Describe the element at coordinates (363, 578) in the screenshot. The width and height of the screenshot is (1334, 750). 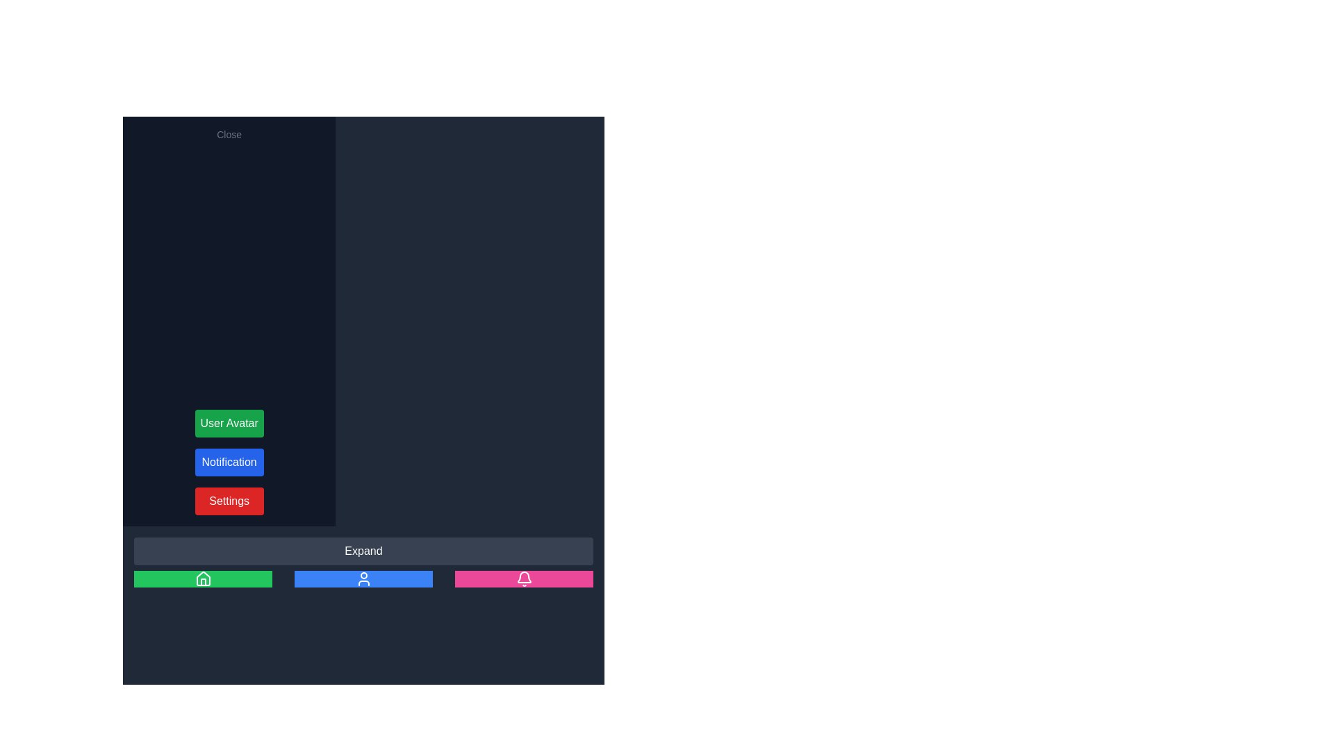
I see `the 'User Profile' icon button located in the bottom navigation row` at that location.